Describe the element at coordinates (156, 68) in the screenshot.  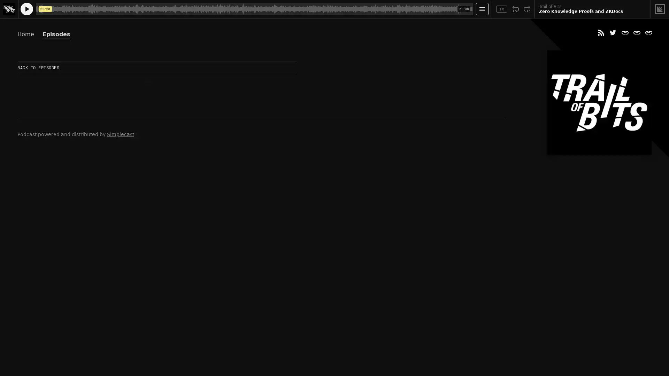
I see `BACK TO EPISODES` at that location.